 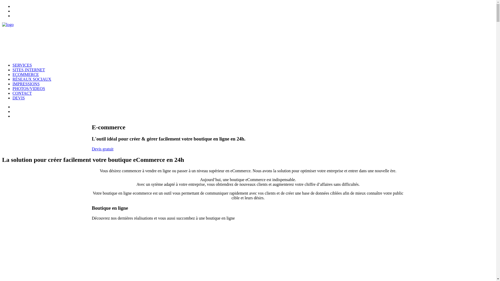 What do you see at coordinates (18, 98) in the screenshot?
I see `'DEVIS'` at bounding box center [18, 98].